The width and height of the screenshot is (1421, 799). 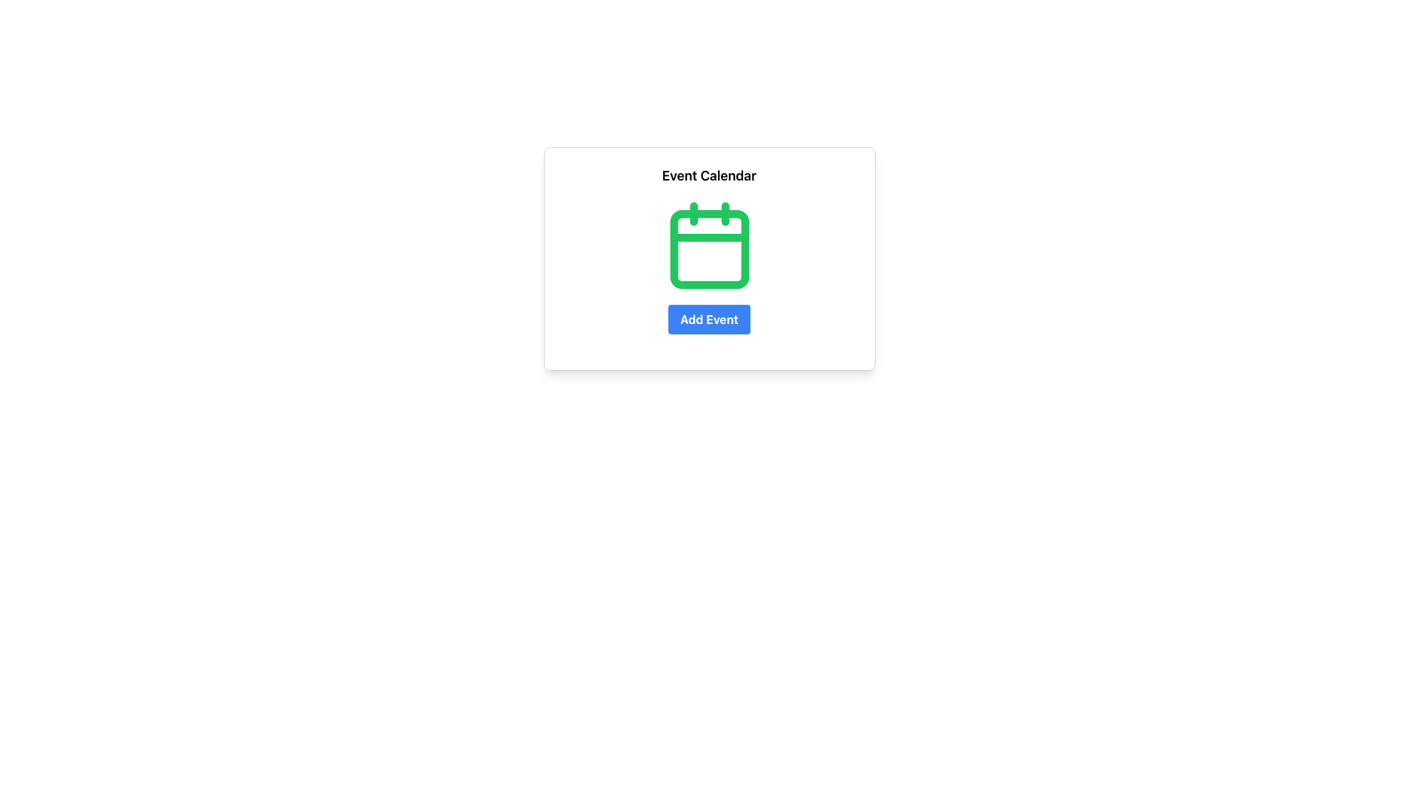 I want to click on the calendar icon with a green border that is centrally aligned below 'Event Calendar' and above the 'Add Event' button, so click(x=708, y=244).